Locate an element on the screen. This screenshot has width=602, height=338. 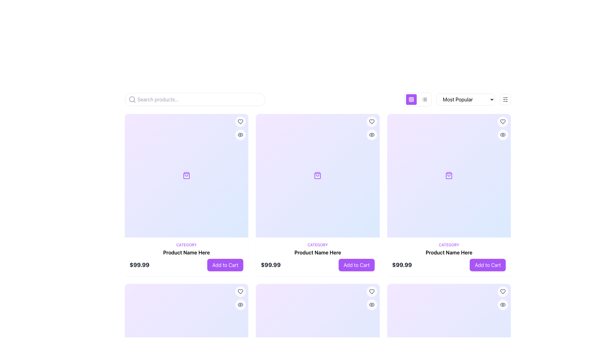
the product name label located in the fourth product card of the grid layout, which helps users identify the item is located at coordinates (449, 252).